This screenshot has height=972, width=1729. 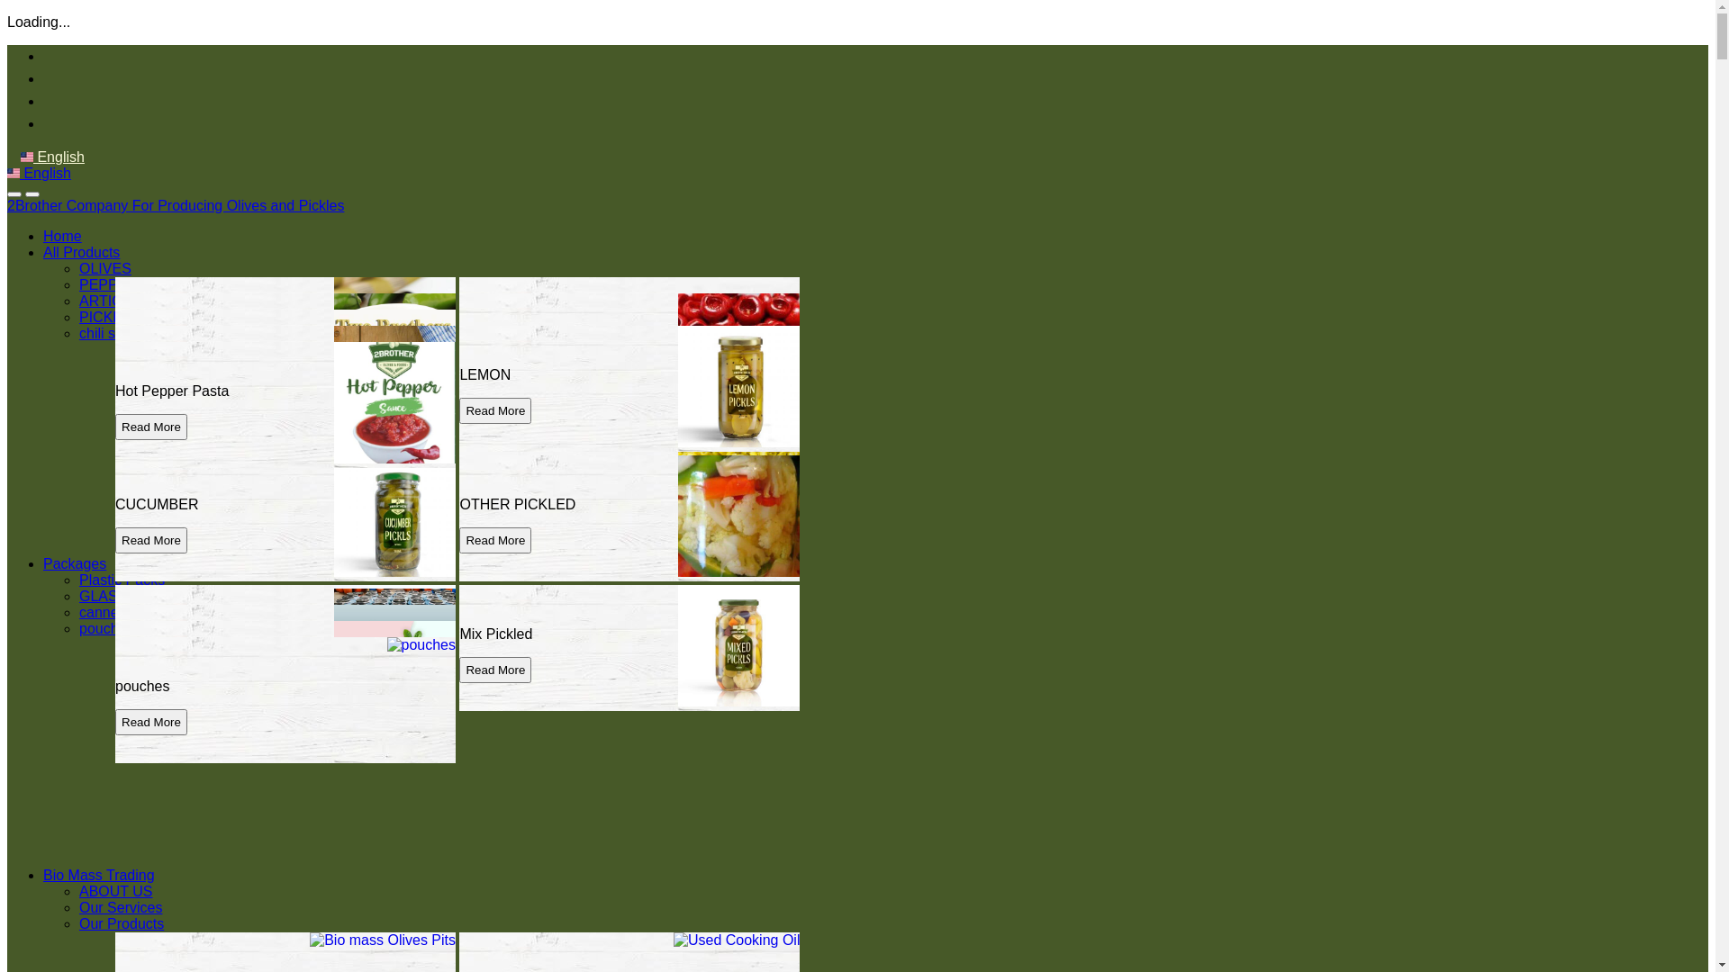 I want to click on 'GARLIC, so click(x=284, y=648).